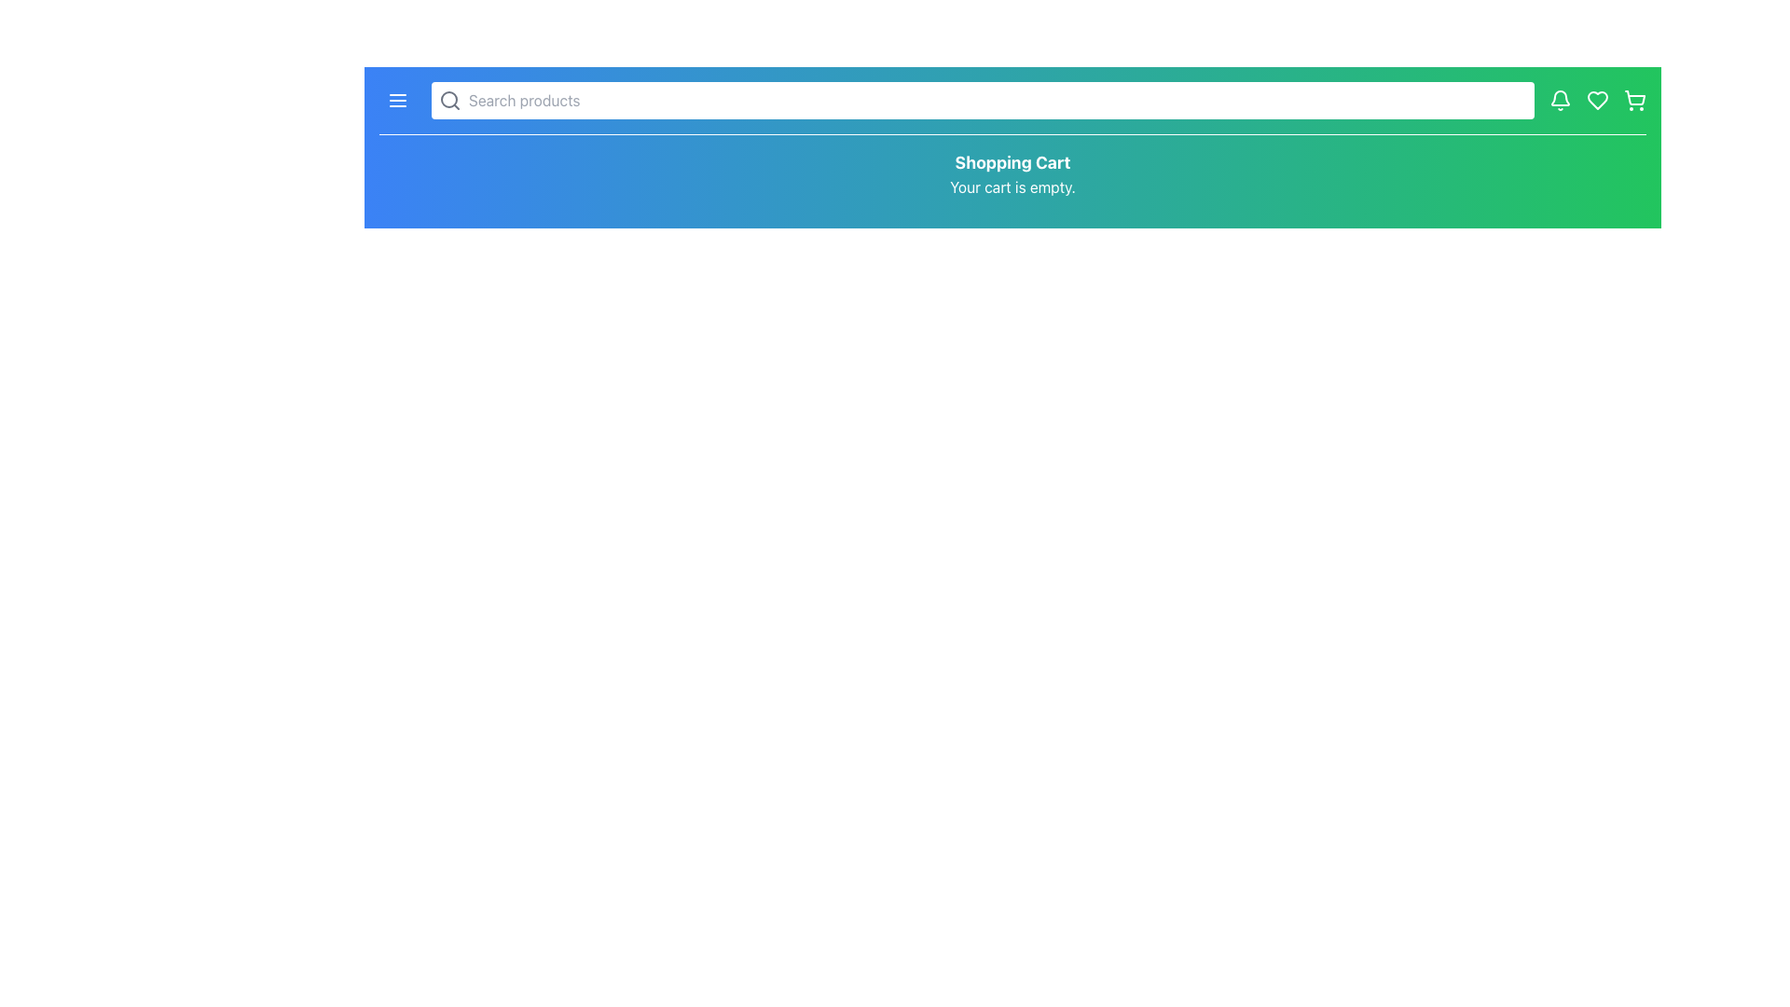 Image resolution: width=1790 pixels, height=1007 pixels. What do you see at coordinates (1633, 101) in the screenshot?
I see `the button located on the far right of the horizontal group of icons` at bounding box center [1633, 101].